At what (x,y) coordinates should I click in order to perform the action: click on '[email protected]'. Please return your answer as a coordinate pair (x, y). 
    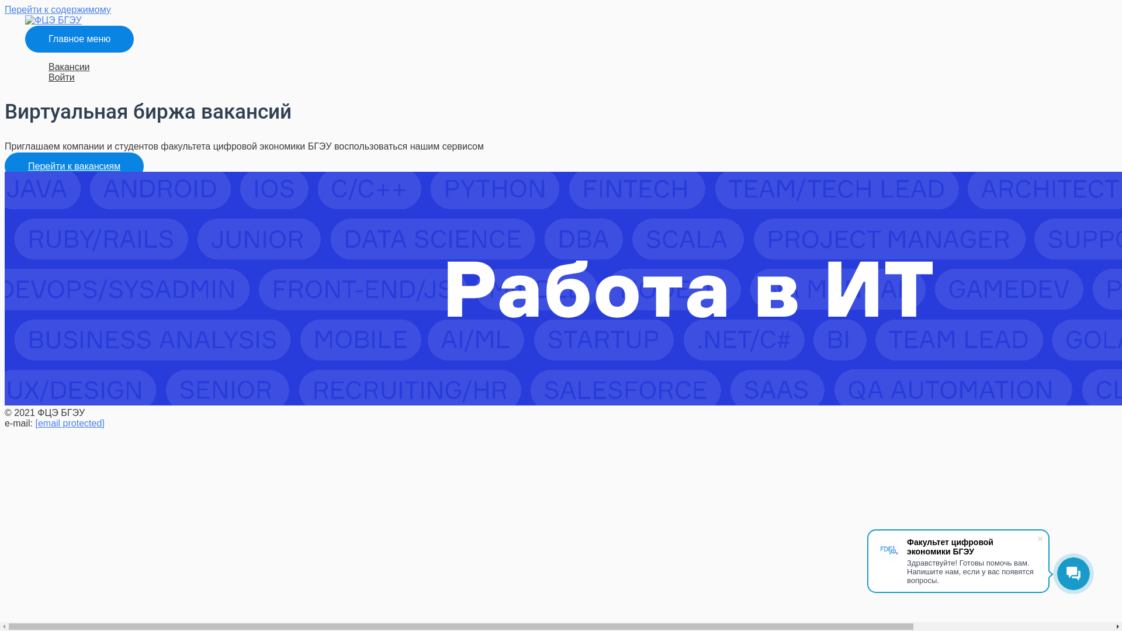
    Looking at the image, I should click on (69, 423).